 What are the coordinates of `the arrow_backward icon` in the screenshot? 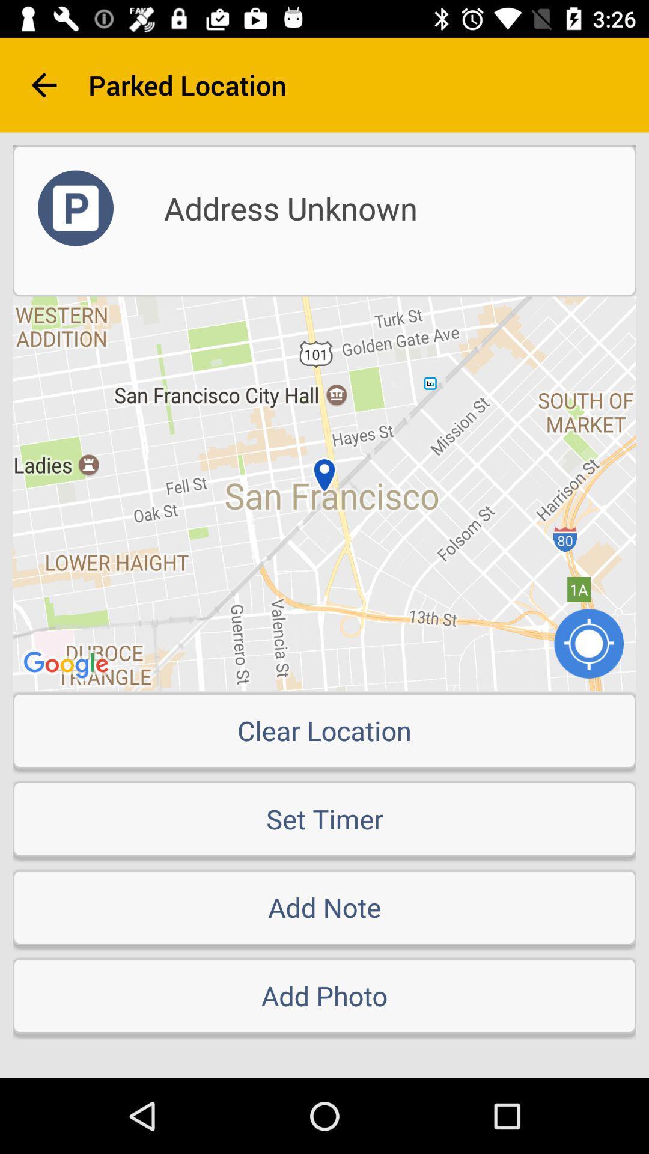 It's located at (43, 84).